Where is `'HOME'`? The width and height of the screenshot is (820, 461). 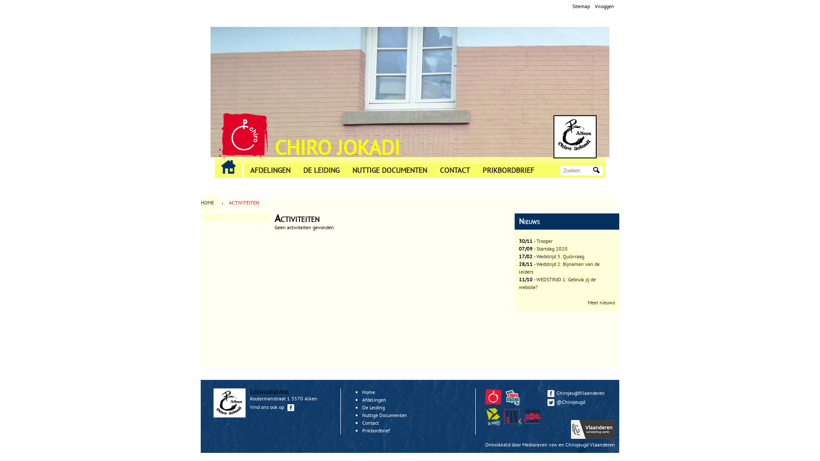
'HOME' is located at coordinates (228, 166).